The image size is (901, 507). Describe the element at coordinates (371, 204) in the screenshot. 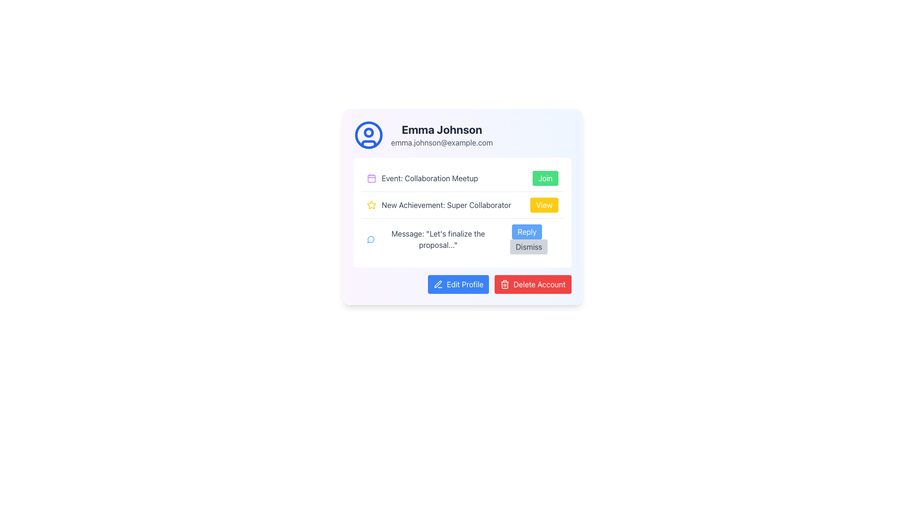

I see `the yellow star icon with a hollow center located in the bottom-right area of the profile interface` at that location.